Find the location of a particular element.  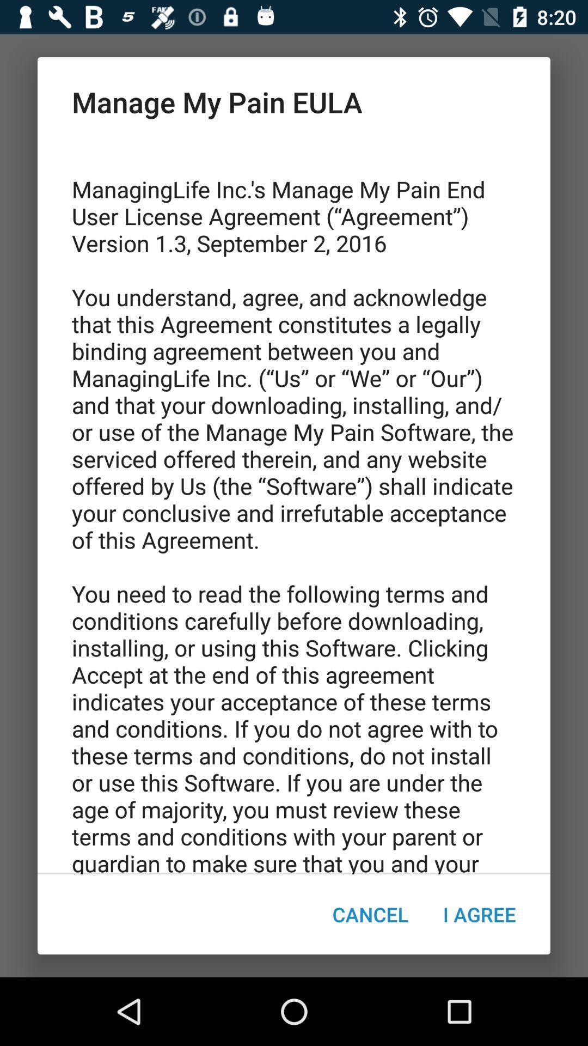

the i agree item is located at coordinates (479, 914).